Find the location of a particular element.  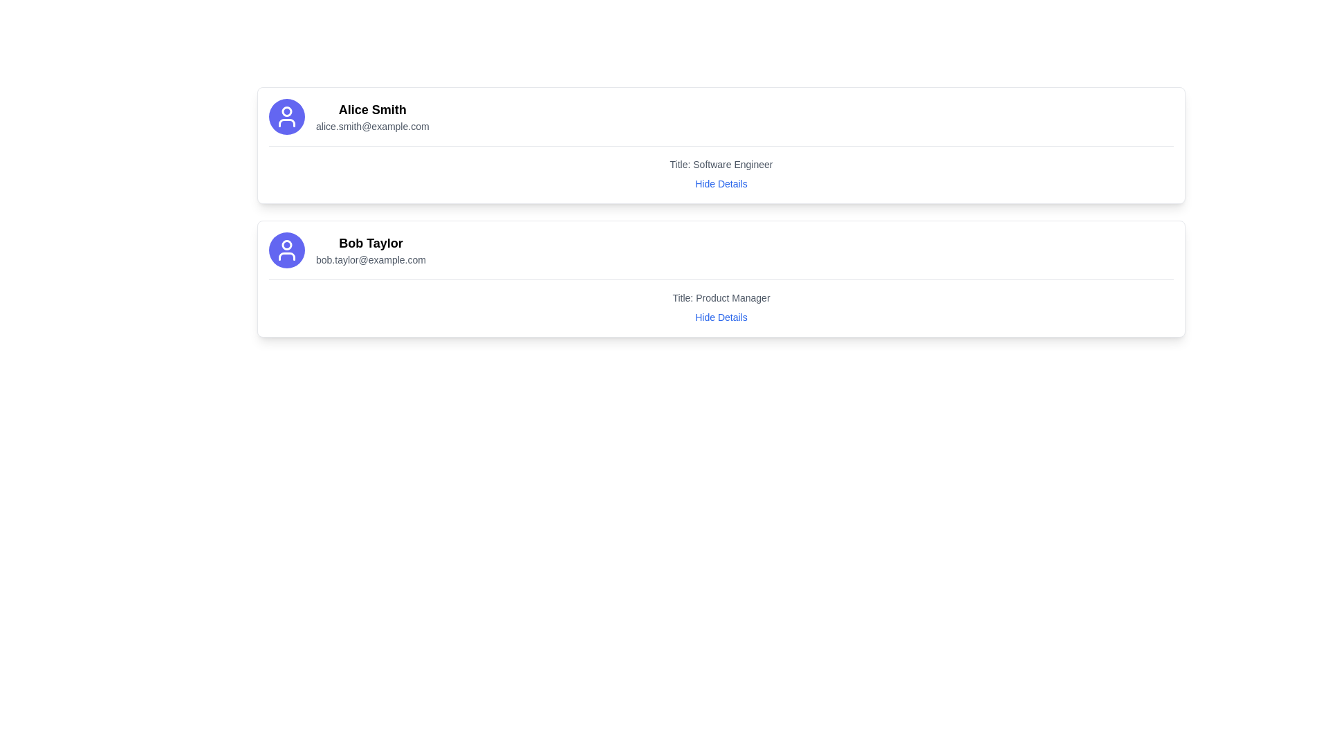

the plain text label displaying the email address 'alice.smith@example.com', which is styled in small gray font and positioned beneath 'Alice Smith' in the top card is located at coordinates (372, 126).